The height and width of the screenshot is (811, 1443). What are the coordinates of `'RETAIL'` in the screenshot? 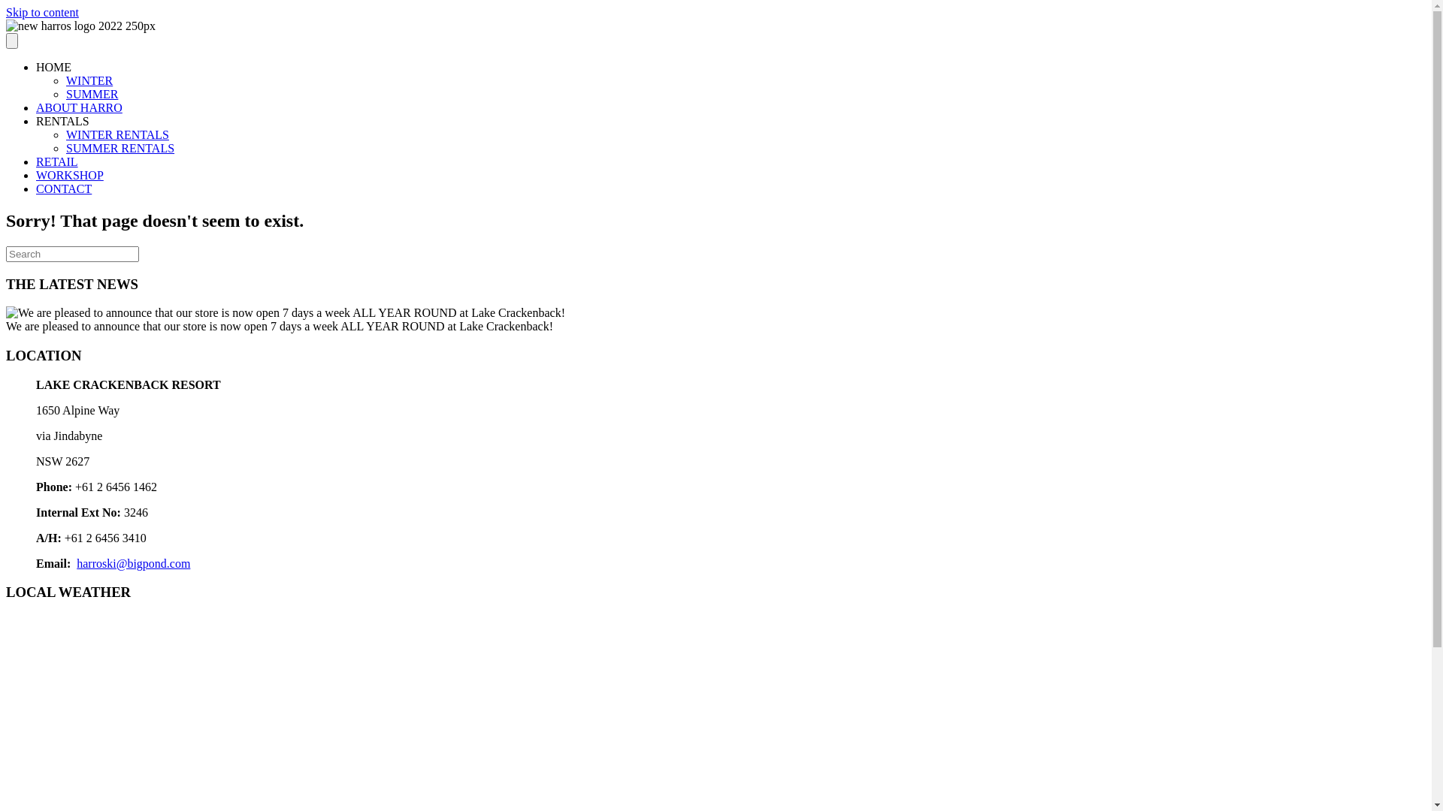 It's located at (36, 161).